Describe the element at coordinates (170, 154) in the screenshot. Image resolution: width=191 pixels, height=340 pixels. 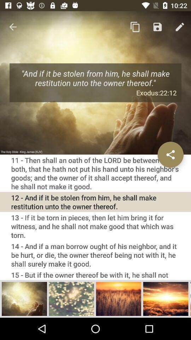
I see `share button` at that location.